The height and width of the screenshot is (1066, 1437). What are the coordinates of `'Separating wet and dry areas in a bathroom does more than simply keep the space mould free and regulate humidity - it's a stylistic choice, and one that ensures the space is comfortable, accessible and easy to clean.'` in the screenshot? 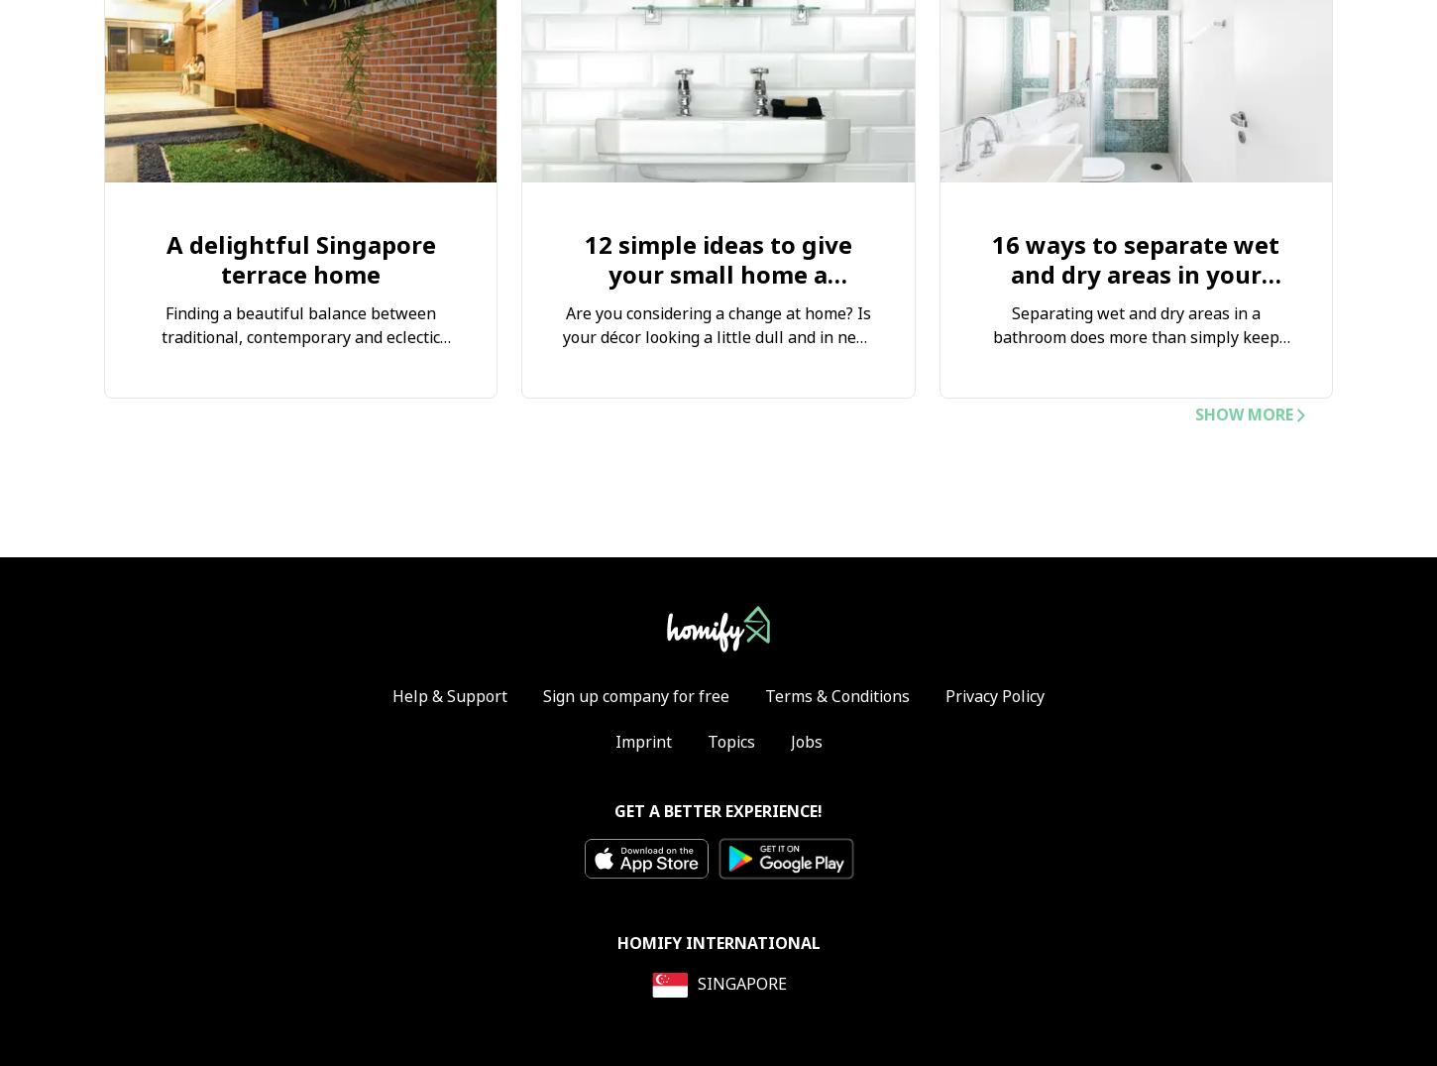 It's located at (1134, 374).